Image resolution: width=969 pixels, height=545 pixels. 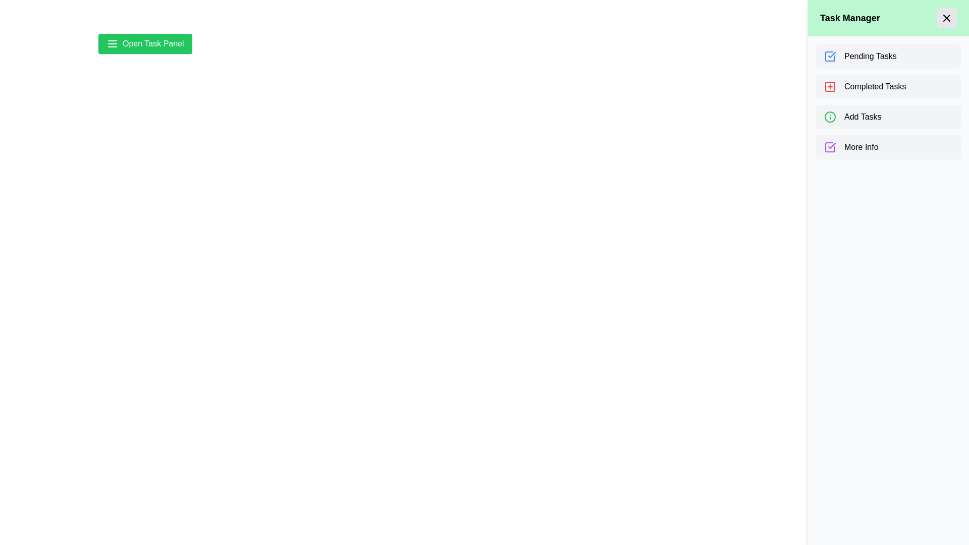 I want to click on the task category Add Tasks from the list, so click(x=888, y=116).